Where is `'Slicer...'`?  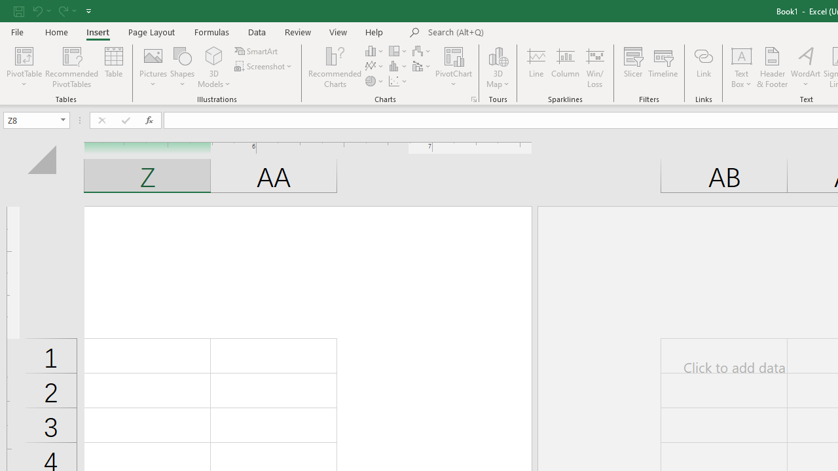 'Slicer...' is located at coordinates (633, 67).